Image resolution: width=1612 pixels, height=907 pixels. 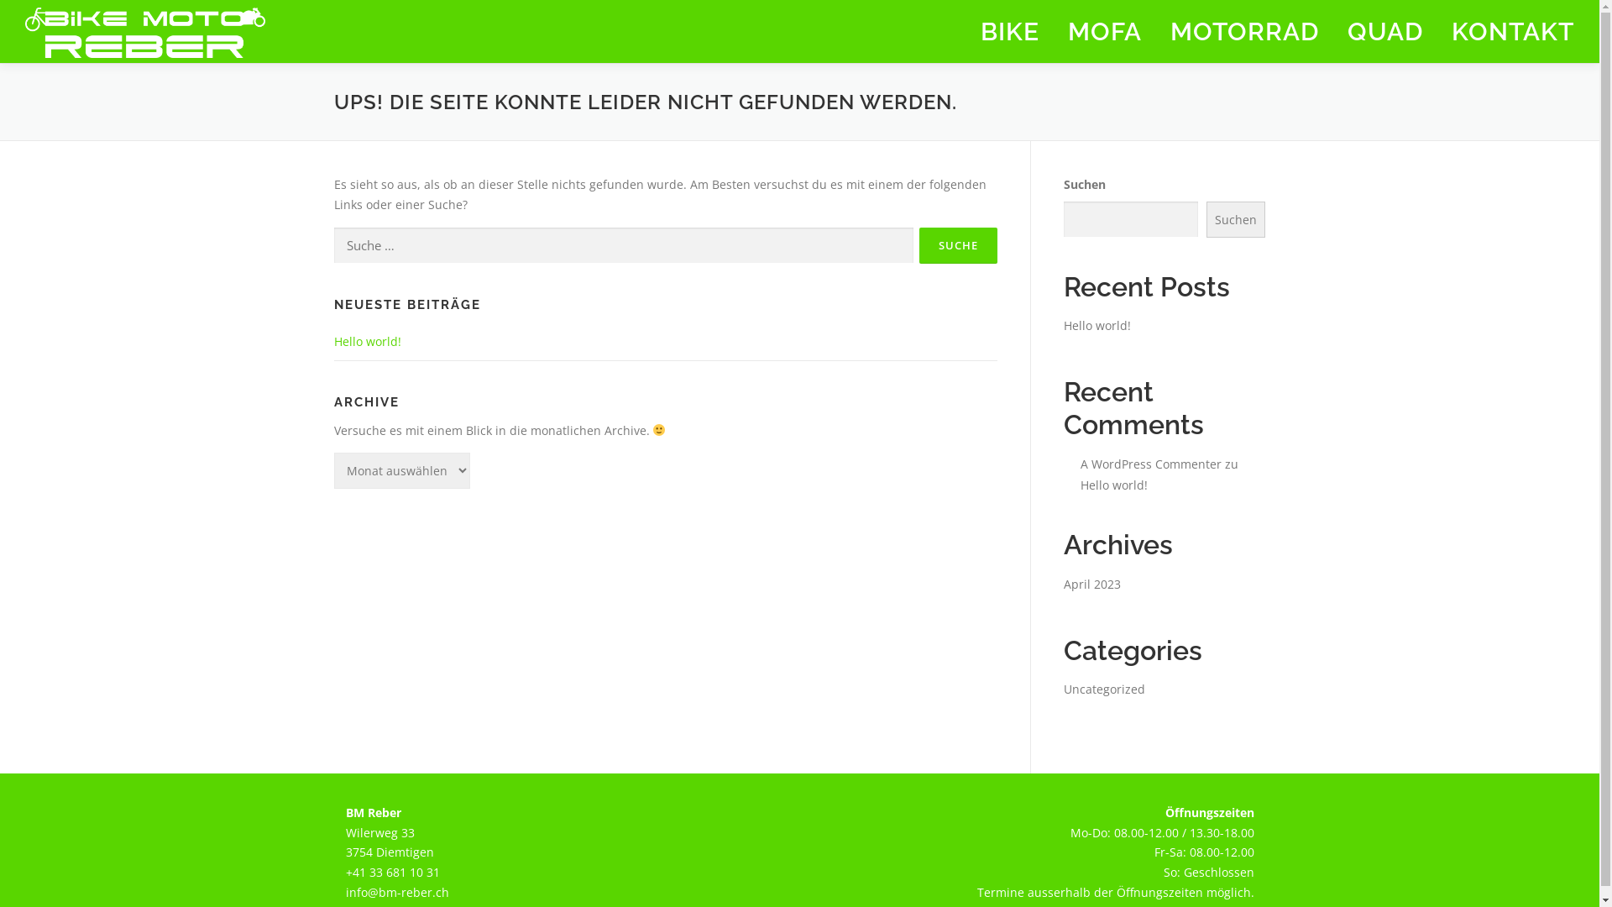 What do you see at coordinates (1505, 31) in the screenshot?
I see `'KONTAKT'` at bounding box center [1505, 31].